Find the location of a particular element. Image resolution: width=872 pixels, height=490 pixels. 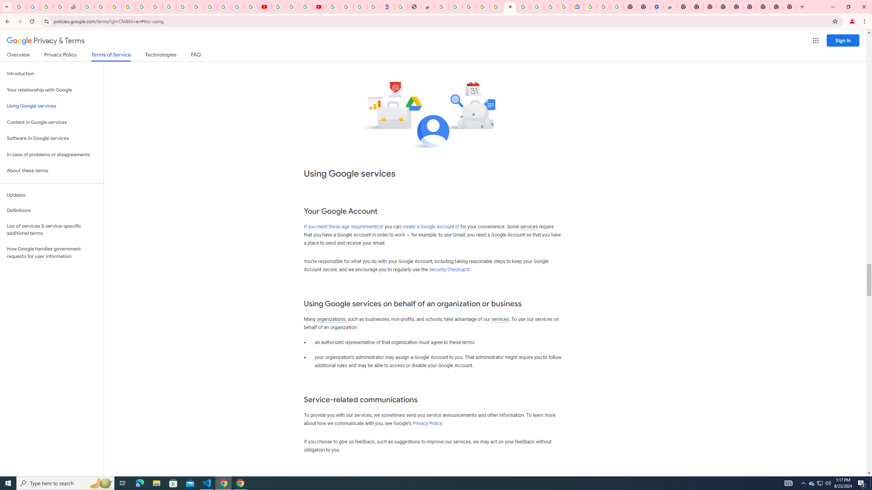

'New Tab' is located at coordinates (790, 6).